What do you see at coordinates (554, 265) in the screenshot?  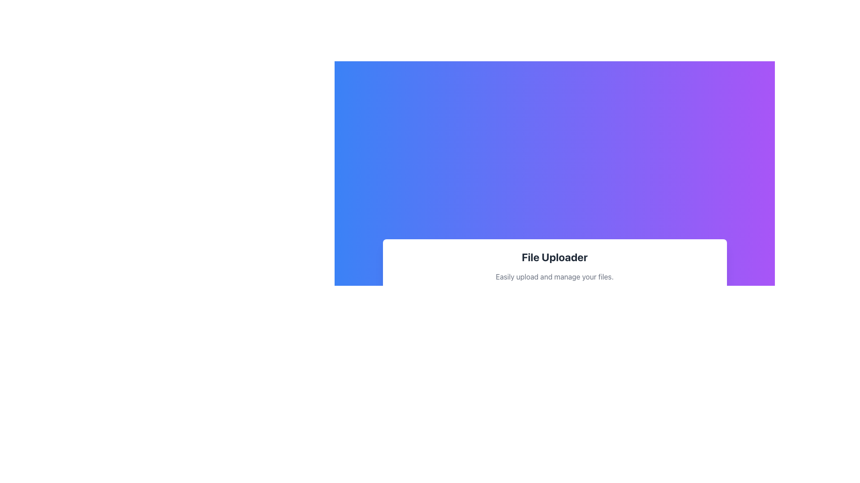 I see `information displayed on the Textual Content Block (Heading and Paragraph) titled 'File Uploader' which includes the description 'Easily upload and manage your files.'` at bounding box center [554, 265].